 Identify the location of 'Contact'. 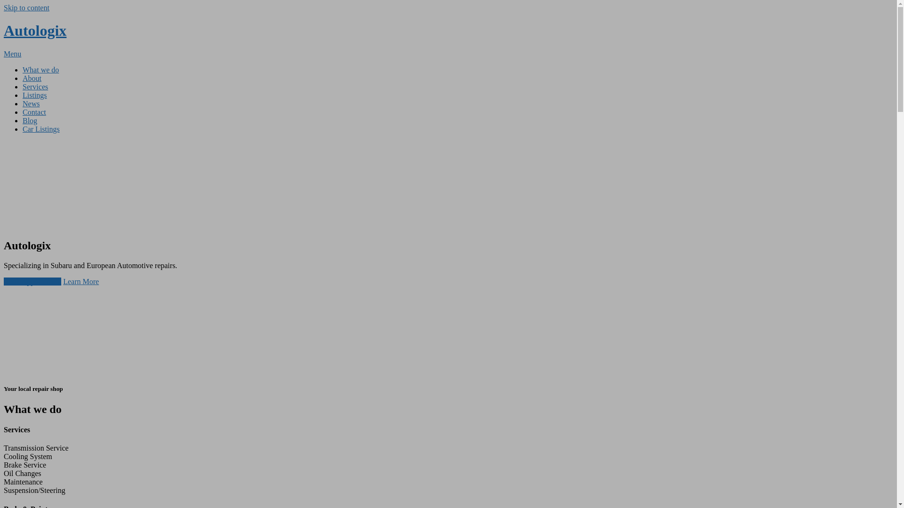
(34, 111).